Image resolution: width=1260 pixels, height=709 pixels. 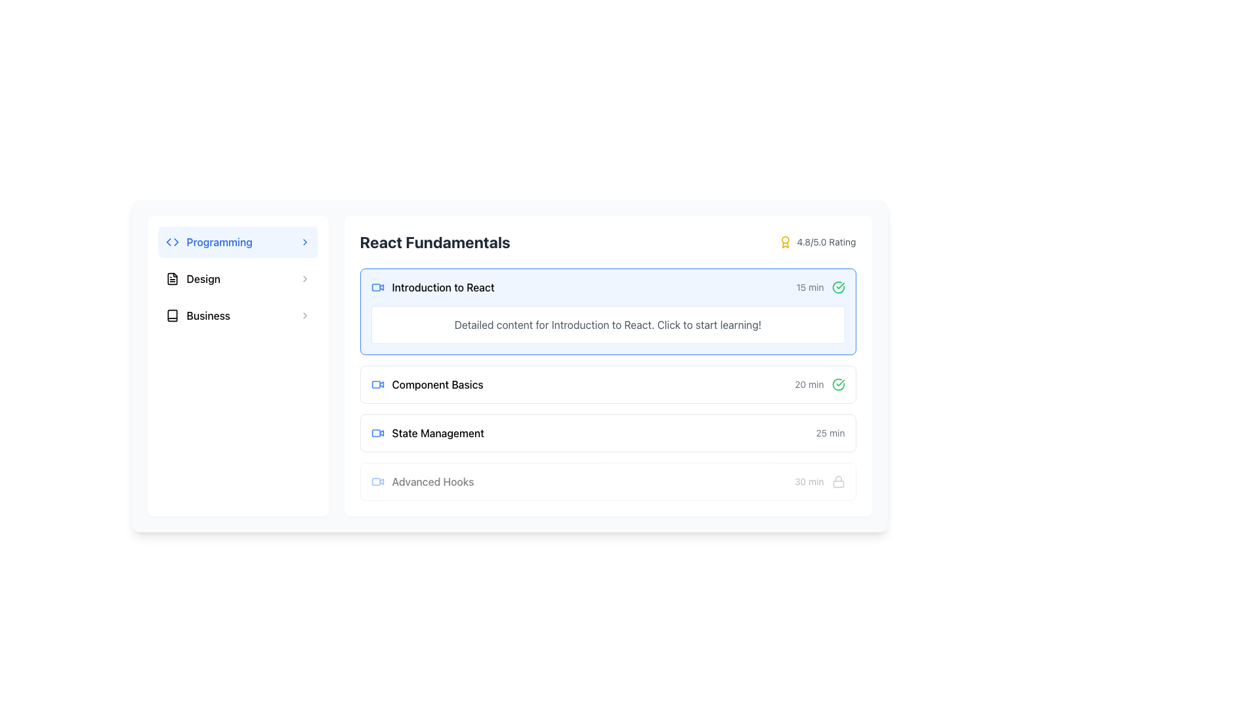 I want to click on the rounded rectangle SVG shape element representing a video or media component, located beside 'State Management', so click(x=375, y=433).